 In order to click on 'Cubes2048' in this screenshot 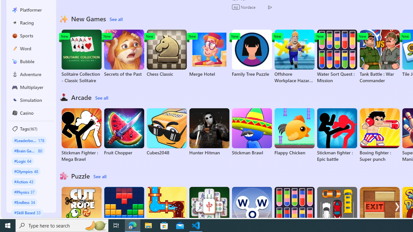, I will do `click(166, 132)`.